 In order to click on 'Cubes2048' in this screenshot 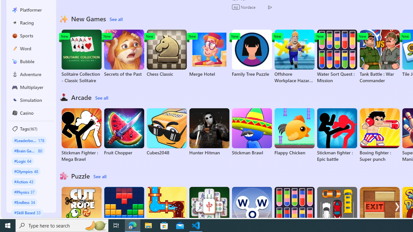, I will do `click(166, 132)`.